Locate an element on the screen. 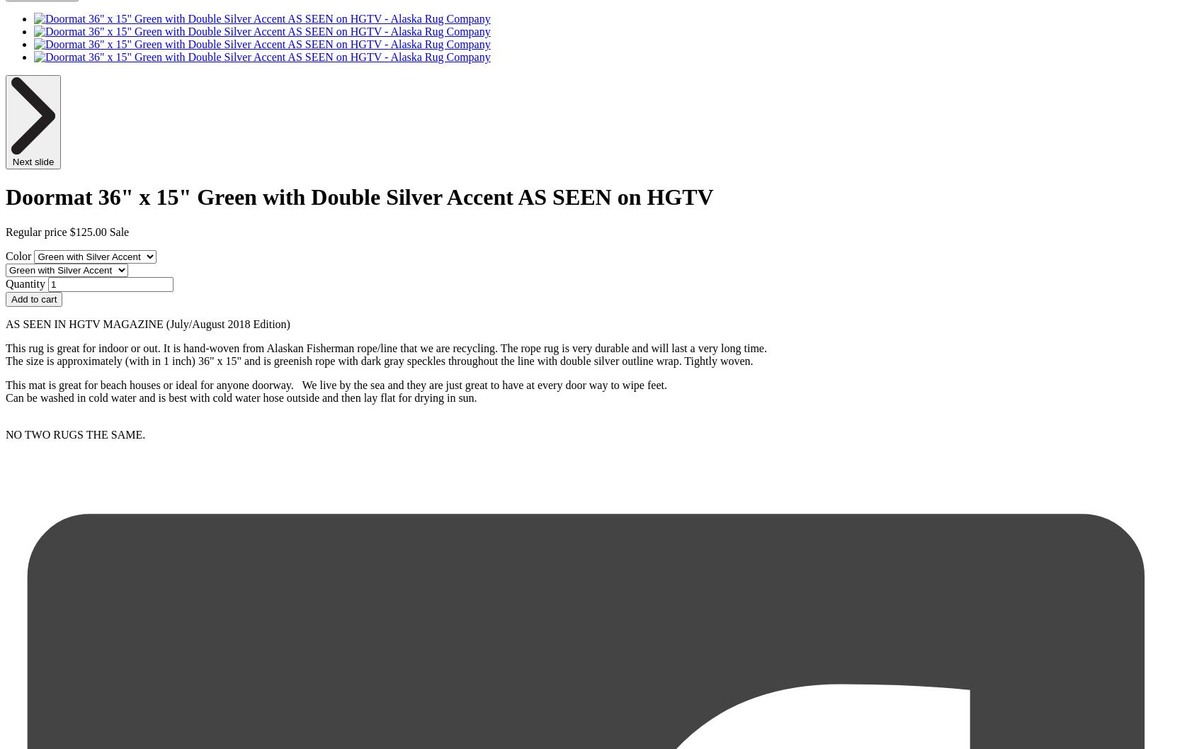 The width and height of the screenshot is (1204, 749). 'Regular price' is located at coordinates (36, 231).